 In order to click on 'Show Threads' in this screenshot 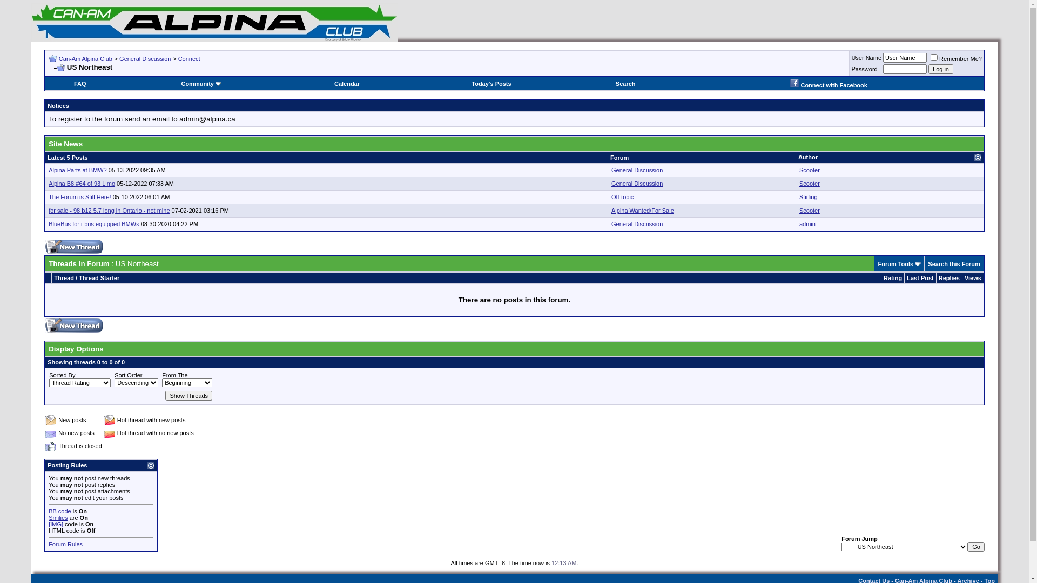, I will do `click(188, 395)`.